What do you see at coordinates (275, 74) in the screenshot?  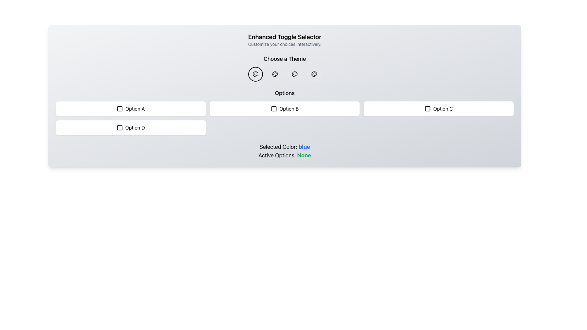 I see `the second color/theme icon in the 'Choose a Theme' selection row` at bounding box center [275, 74].